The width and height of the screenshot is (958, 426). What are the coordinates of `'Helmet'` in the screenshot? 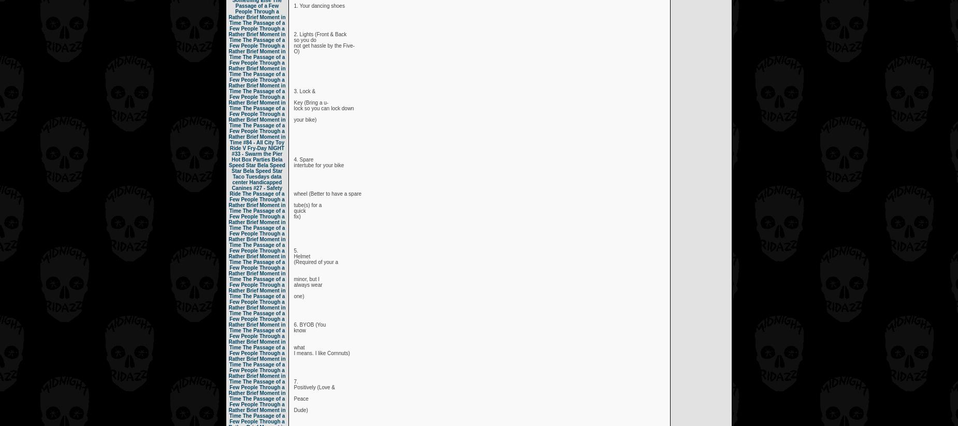 It's located at (294, 256).